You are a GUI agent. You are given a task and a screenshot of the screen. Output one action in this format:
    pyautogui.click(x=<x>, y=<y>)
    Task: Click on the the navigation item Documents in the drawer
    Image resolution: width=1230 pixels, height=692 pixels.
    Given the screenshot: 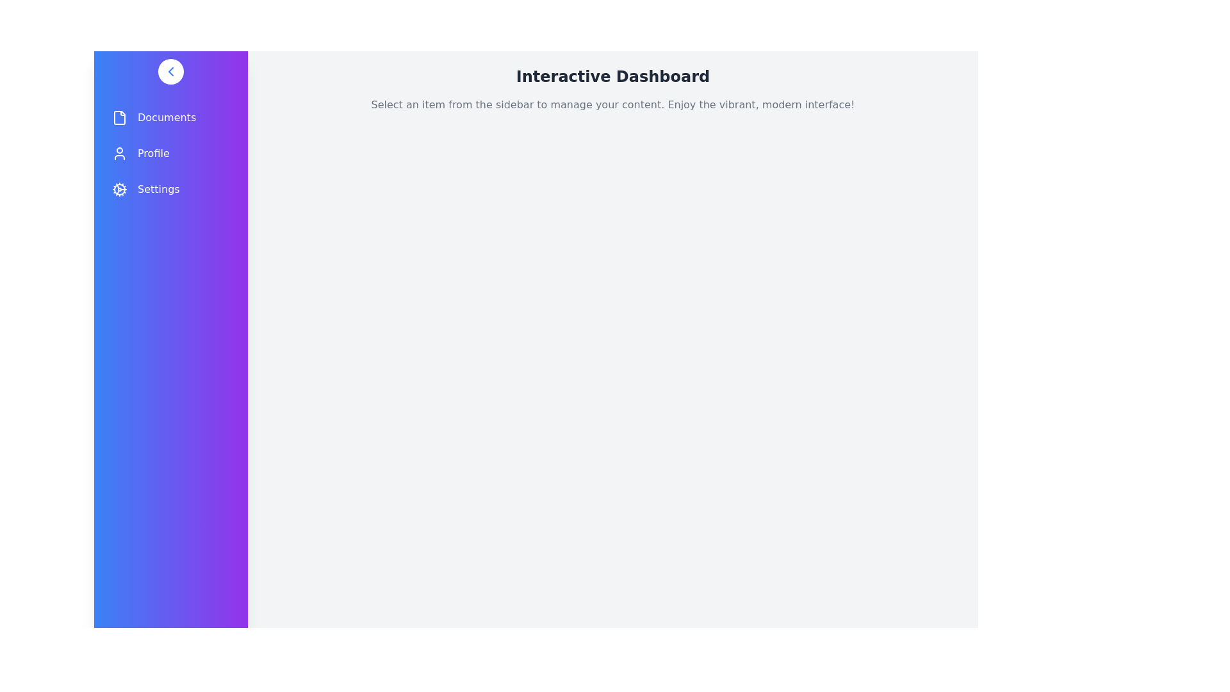 What is the action you would take?
    pyautogui.click(x=170, y=118)
    